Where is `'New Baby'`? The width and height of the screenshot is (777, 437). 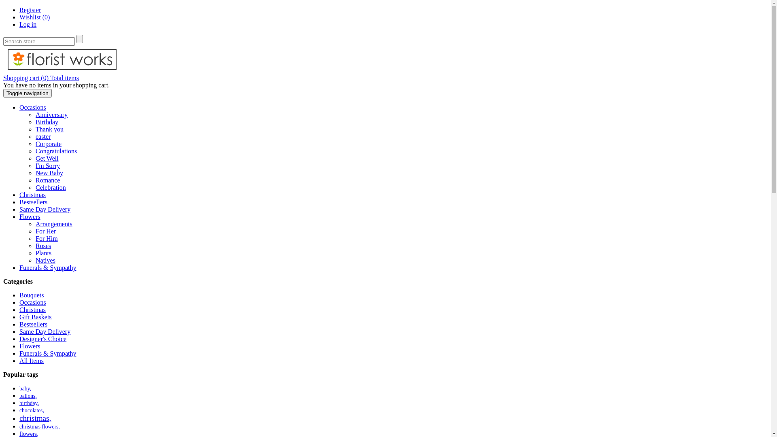
'New Baby' is located at coordinates (49, 172).